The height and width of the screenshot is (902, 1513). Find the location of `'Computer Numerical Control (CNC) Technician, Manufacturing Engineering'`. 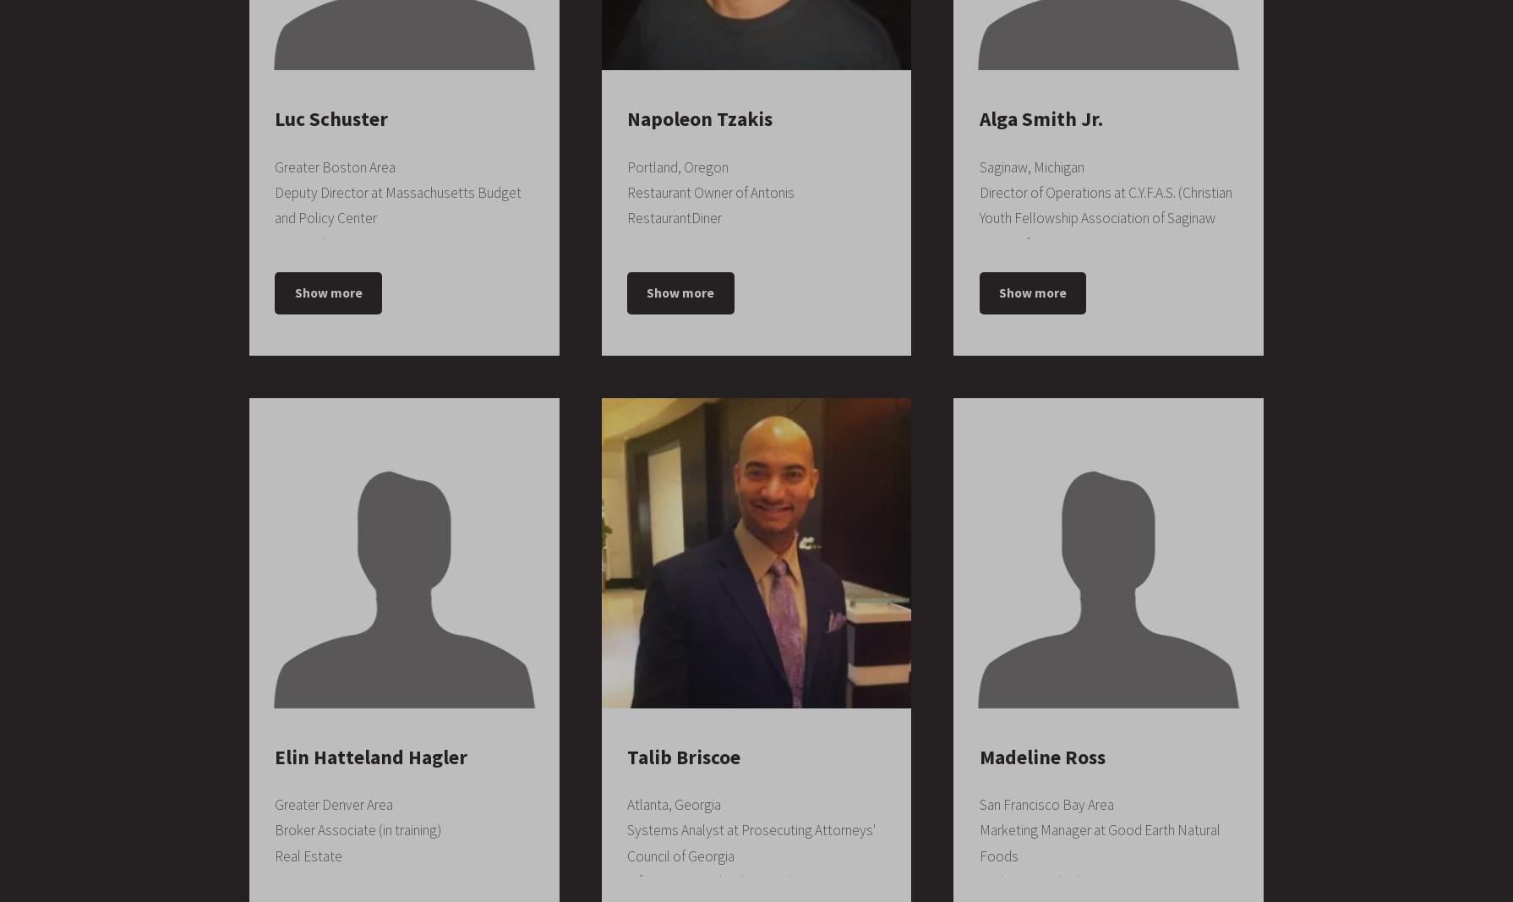

'Computer Numerical Control (CNC) Technician, Manufacturing Engineering' is located at coordinates (734, 79).